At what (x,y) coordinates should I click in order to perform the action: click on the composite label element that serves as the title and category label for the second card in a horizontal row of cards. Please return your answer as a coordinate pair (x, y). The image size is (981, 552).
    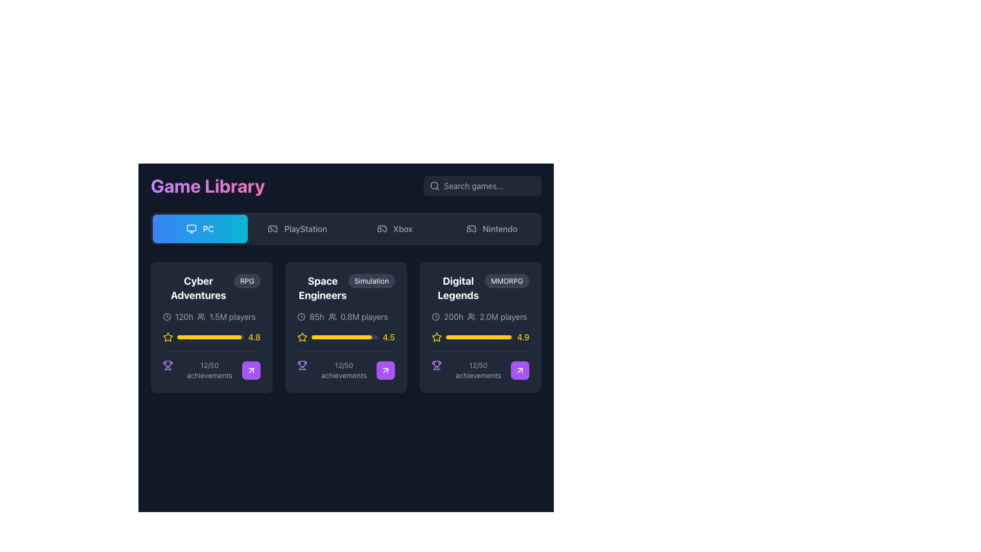
    Looking at the image, I should click on (346, 288).